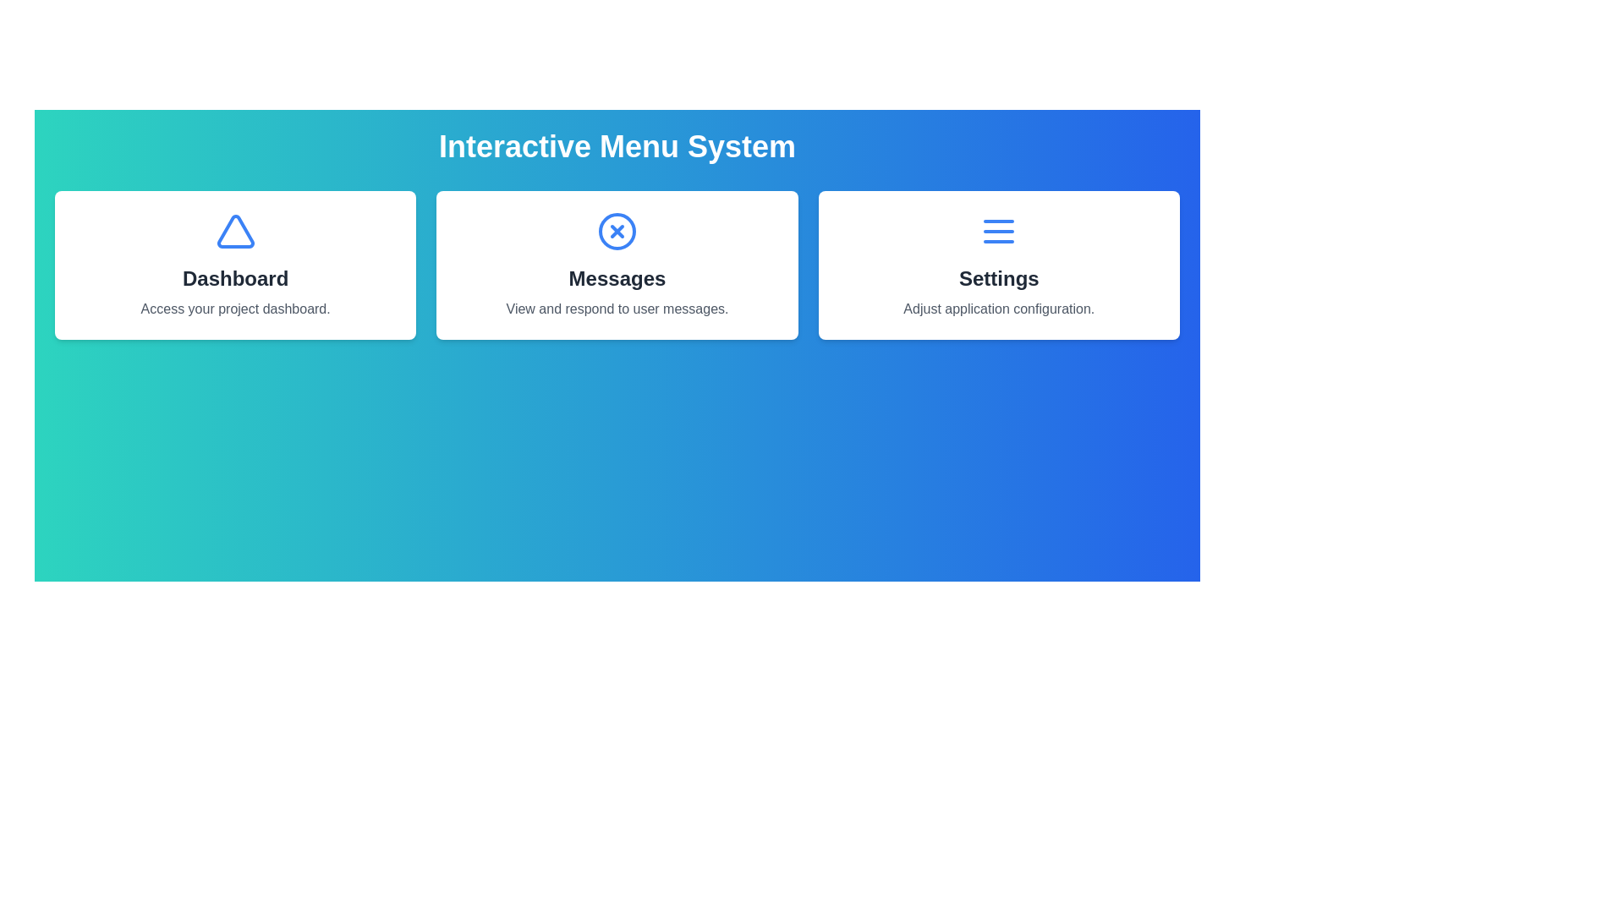 Image resolution: width=1624 pixels, height=913 pixels. I want to click on the decorative icon within the 'Dashboard' card's header section, which represents the concept of a dashboard, so click(234, 231).